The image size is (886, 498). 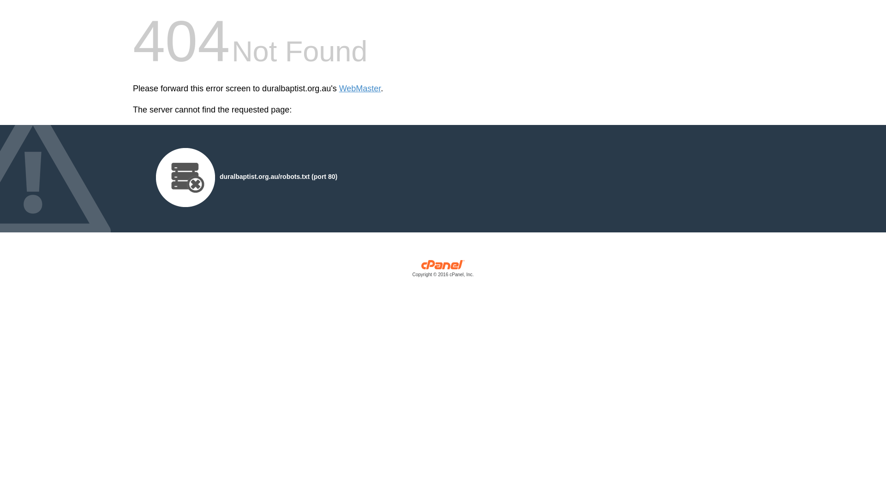 What do you see at coordinates (359, 89) in the screenshot?
I see `'WebMaster'` at bounding box center [359, 89].